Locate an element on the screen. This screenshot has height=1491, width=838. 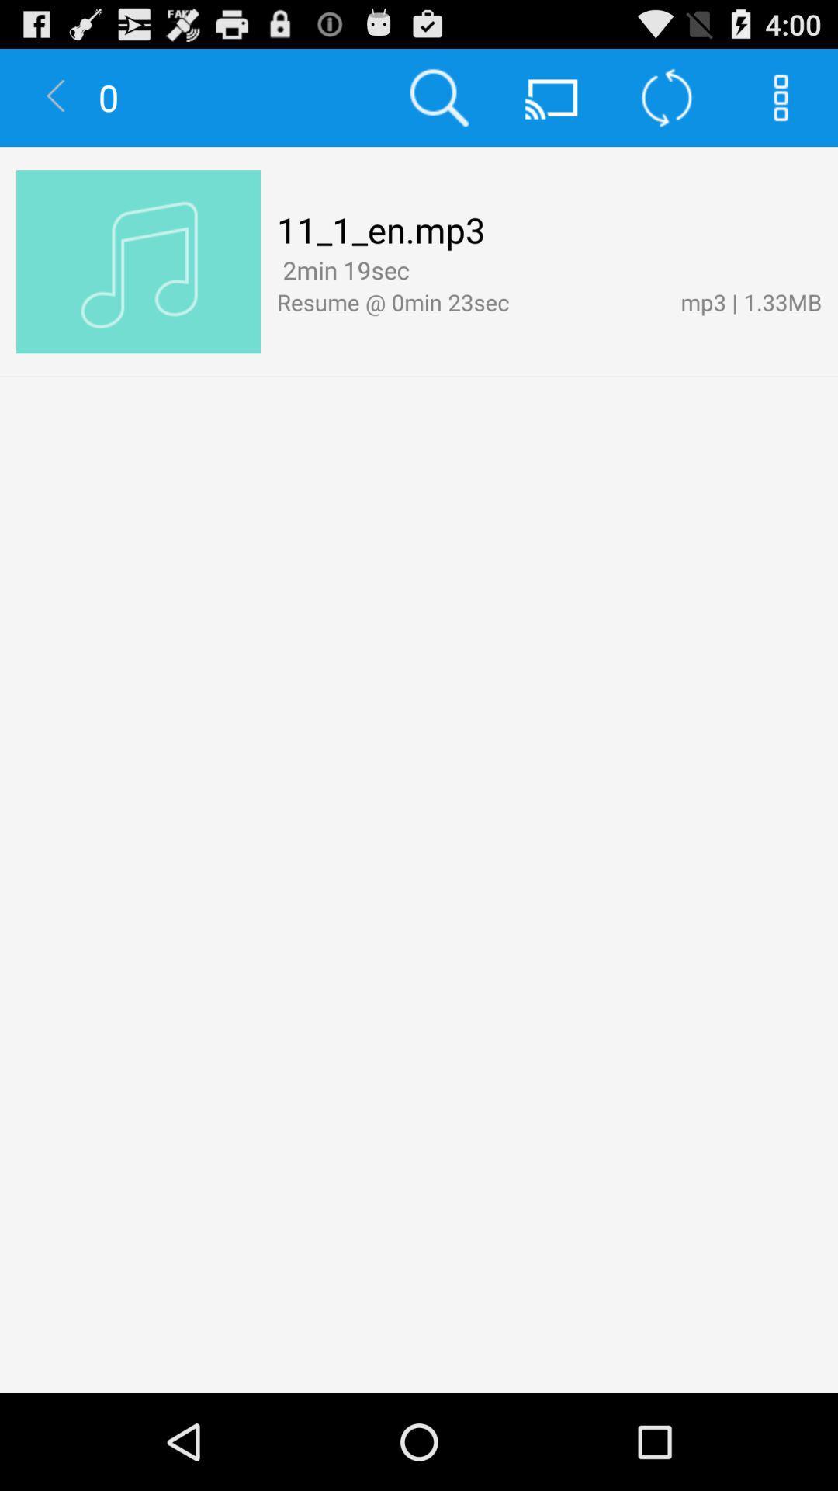
second button from top right corner is located at coordinates (666, 96).